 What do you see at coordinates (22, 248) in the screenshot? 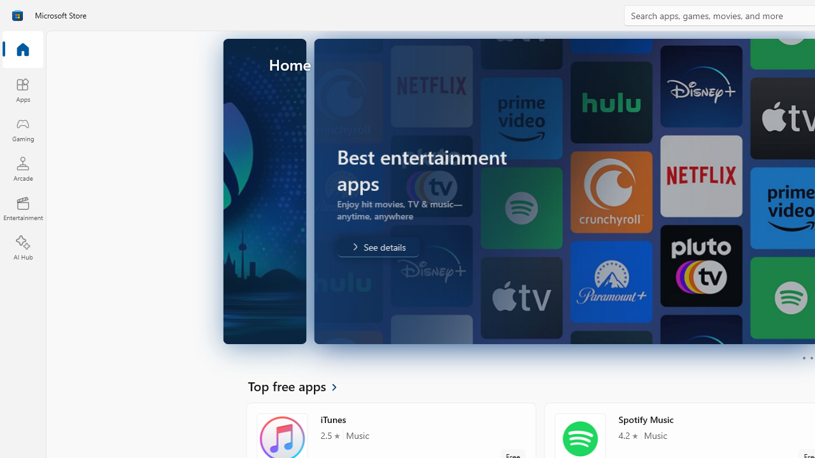
I see `'AI Hub'` at bounding box center [22, 248].